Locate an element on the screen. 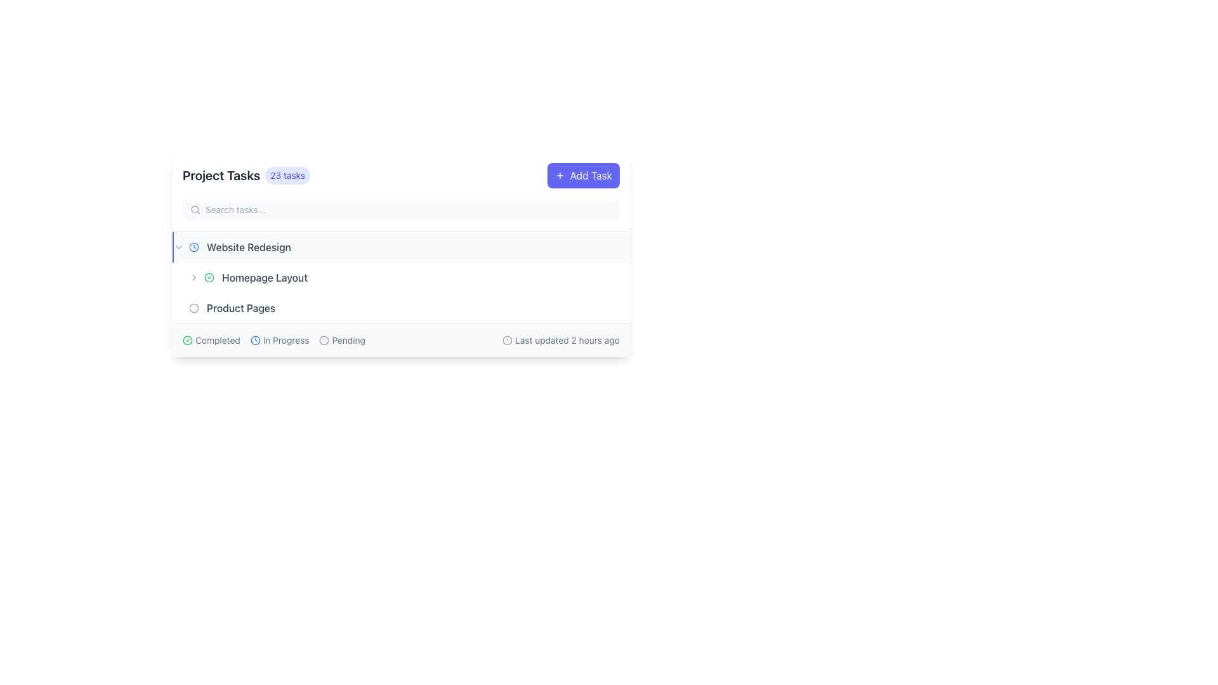  text label that represents the title of a task in the task management list, positioned under 'Project Tasks' and to the right of a circular icon is located at coordinates (249, 247).